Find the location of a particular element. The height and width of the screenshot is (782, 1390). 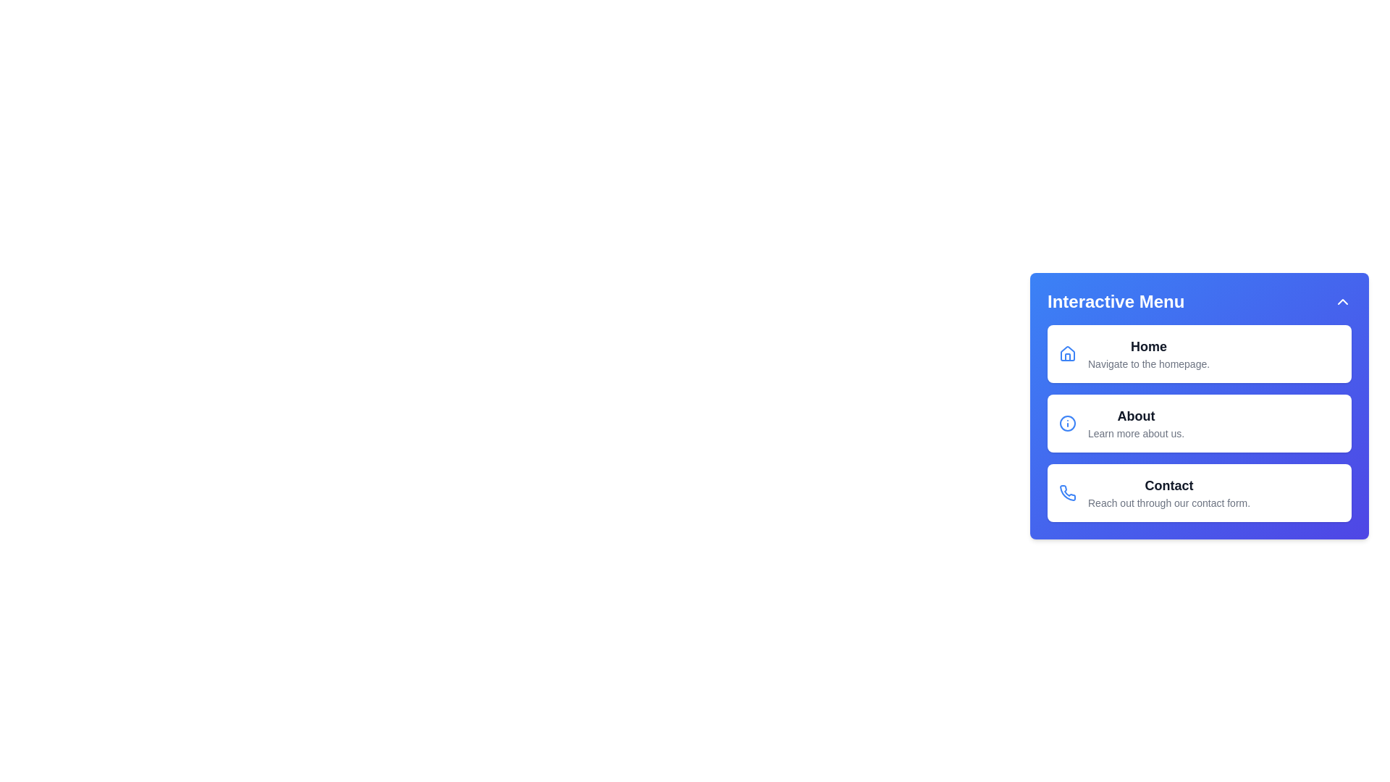

the Home icon to interact with it is located at coordinates (1067, 354).